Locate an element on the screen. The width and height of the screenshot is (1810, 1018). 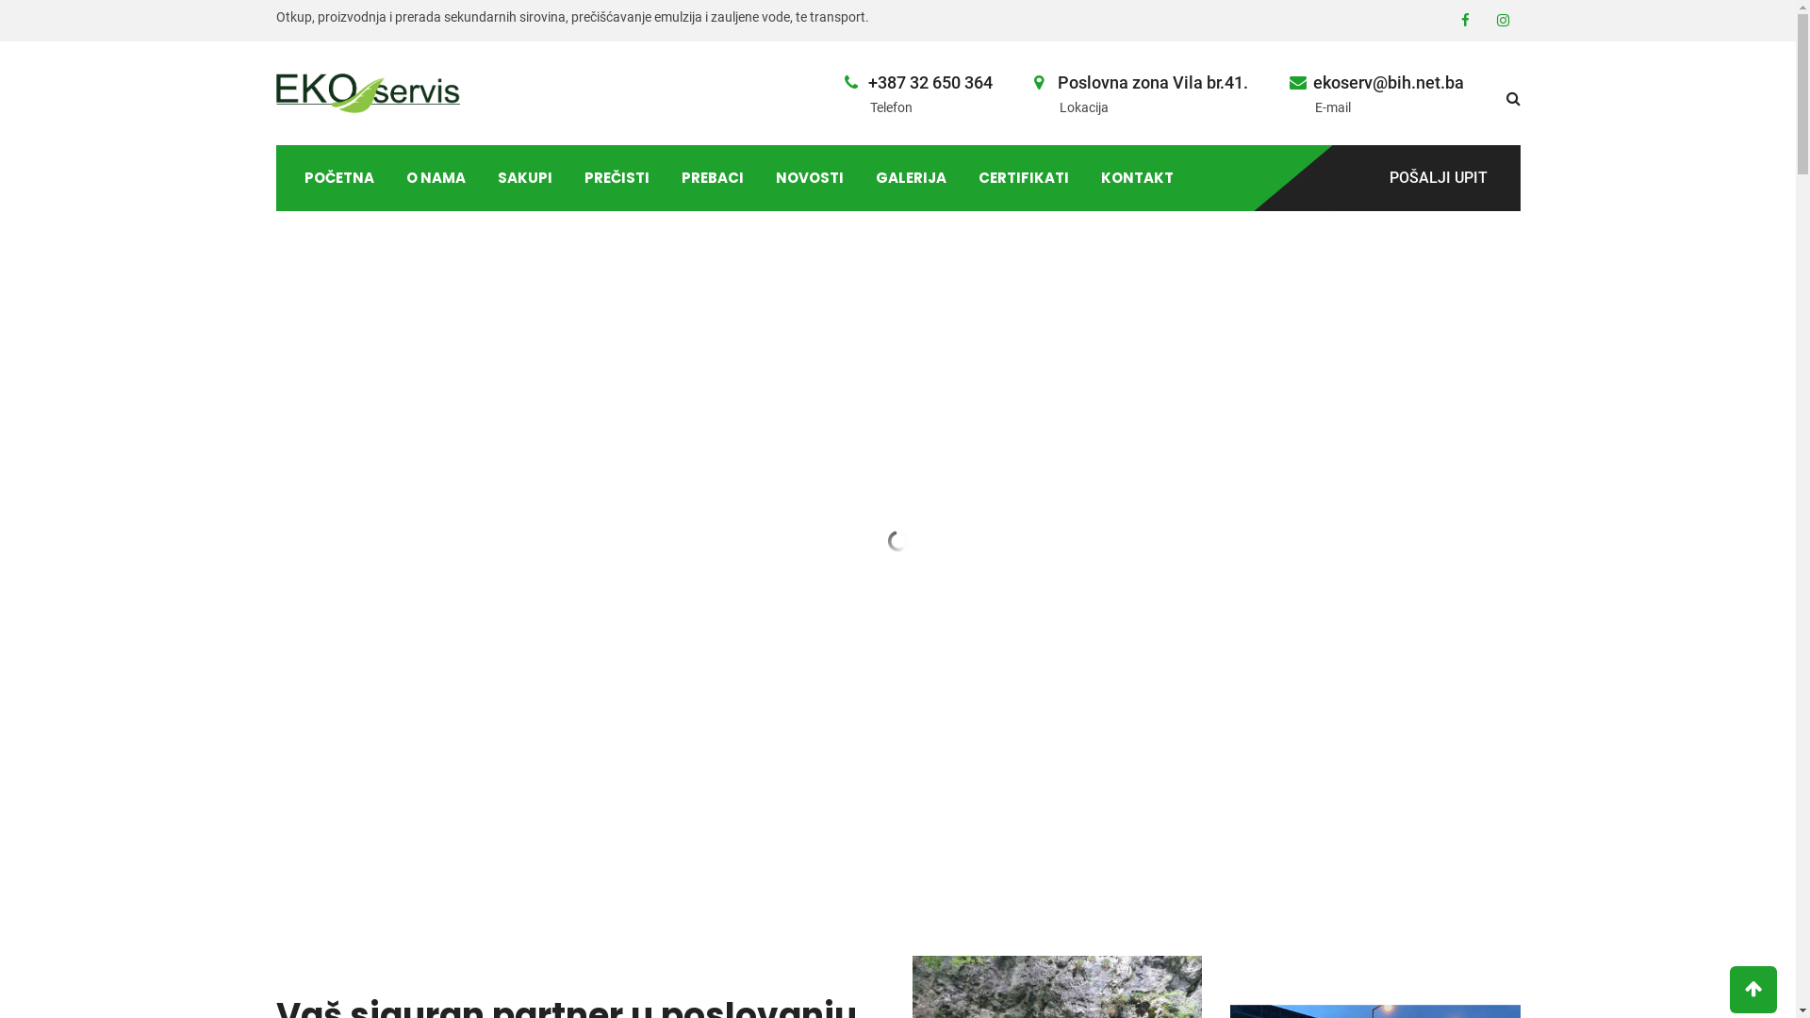
'SAKUPI' is located at coordinates (524, 178).